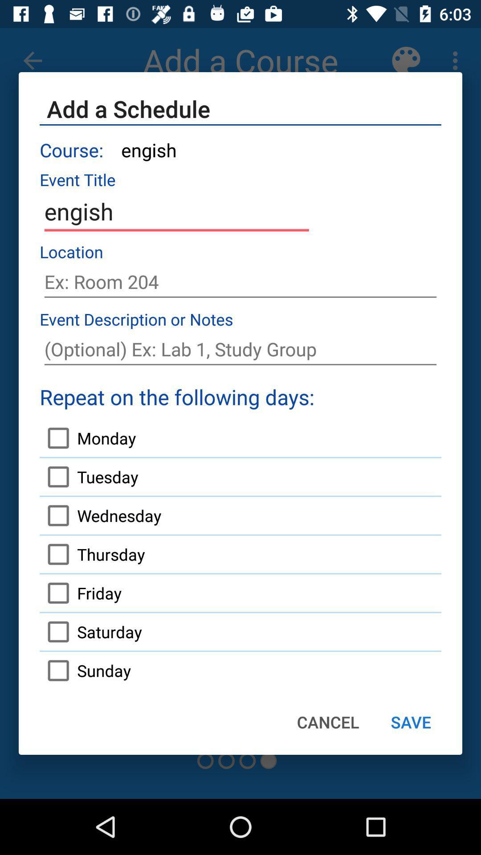 The image size is (481, 855). I want to click on optional event description or notes, so click(240, 349).